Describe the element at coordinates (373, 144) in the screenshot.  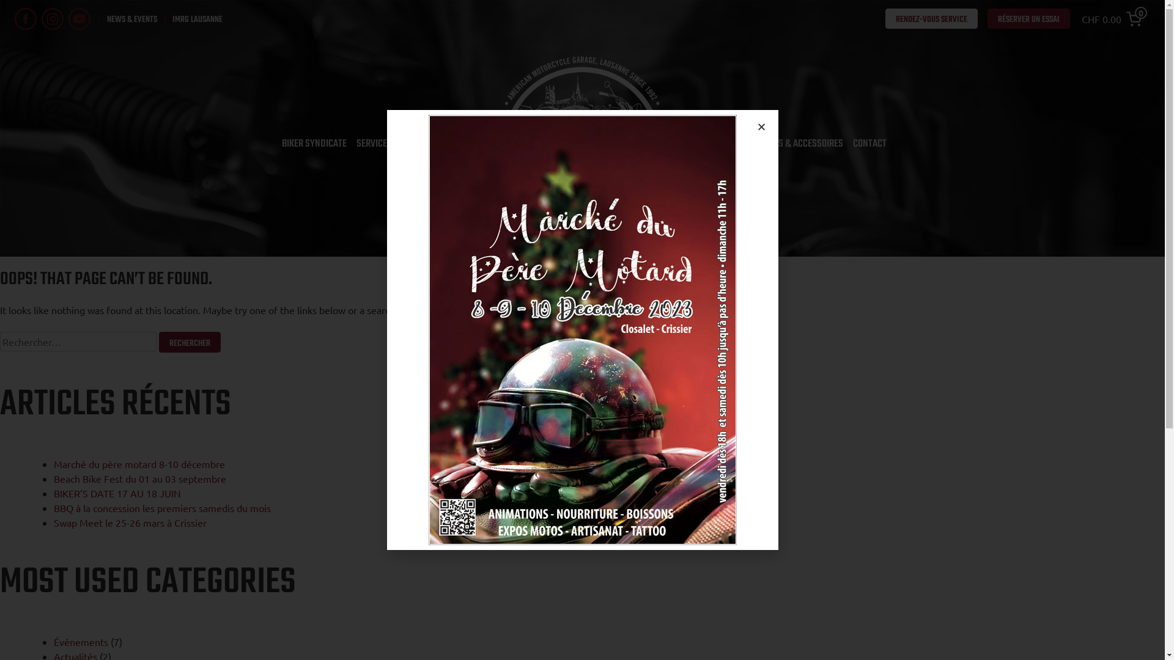
I see `'SERVICES'` at that location.